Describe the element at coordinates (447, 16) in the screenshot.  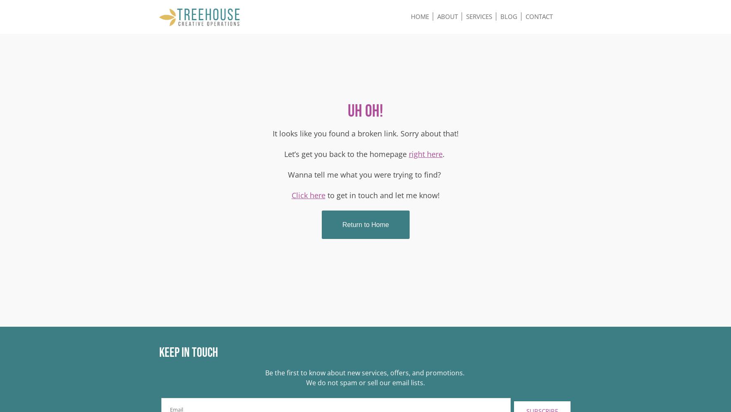
I see `'About'` at that location.